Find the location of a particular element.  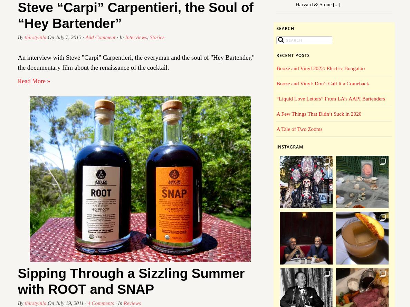

'Stories' is located at coordinates (149, 37).